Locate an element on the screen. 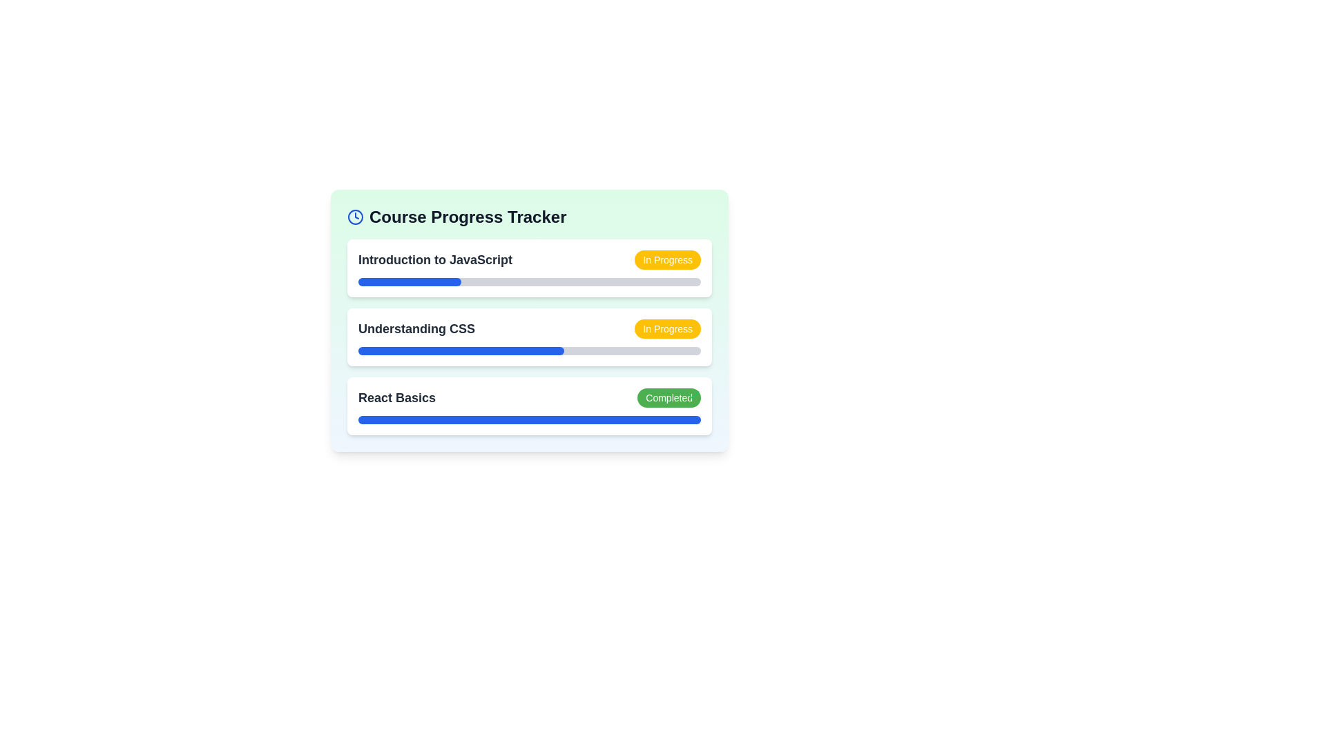 The height and width of the screenshot is (745, 1326). the Circular Graphic Element representing a clock in the 'Course Progress Tracker' header section is located at coordinates (355, 217).